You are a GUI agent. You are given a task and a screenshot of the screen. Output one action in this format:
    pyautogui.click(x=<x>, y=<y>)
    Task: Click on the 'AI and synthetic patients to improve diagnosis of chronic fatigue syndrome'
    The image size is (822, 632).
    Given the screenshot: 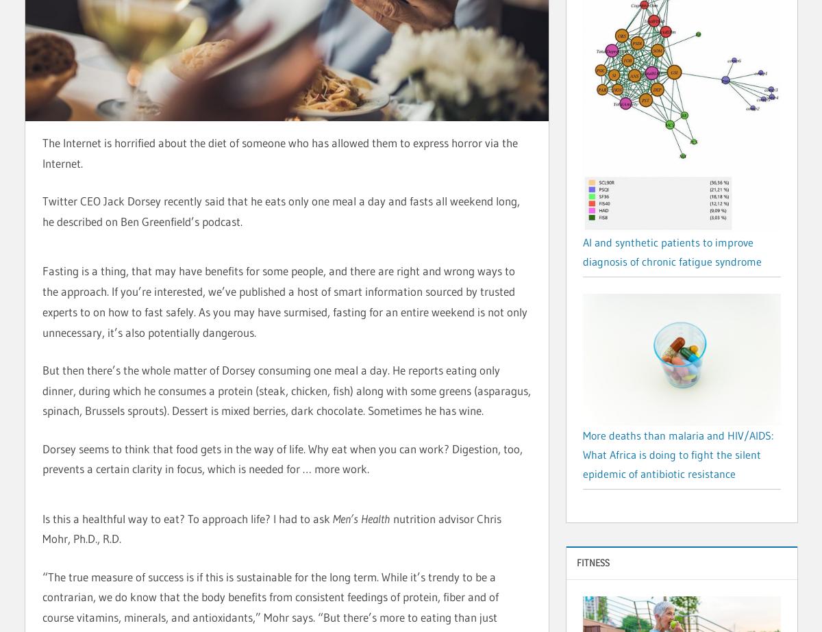 What is the action you would take?
    pyautogui.click(x=671, y=252)
    